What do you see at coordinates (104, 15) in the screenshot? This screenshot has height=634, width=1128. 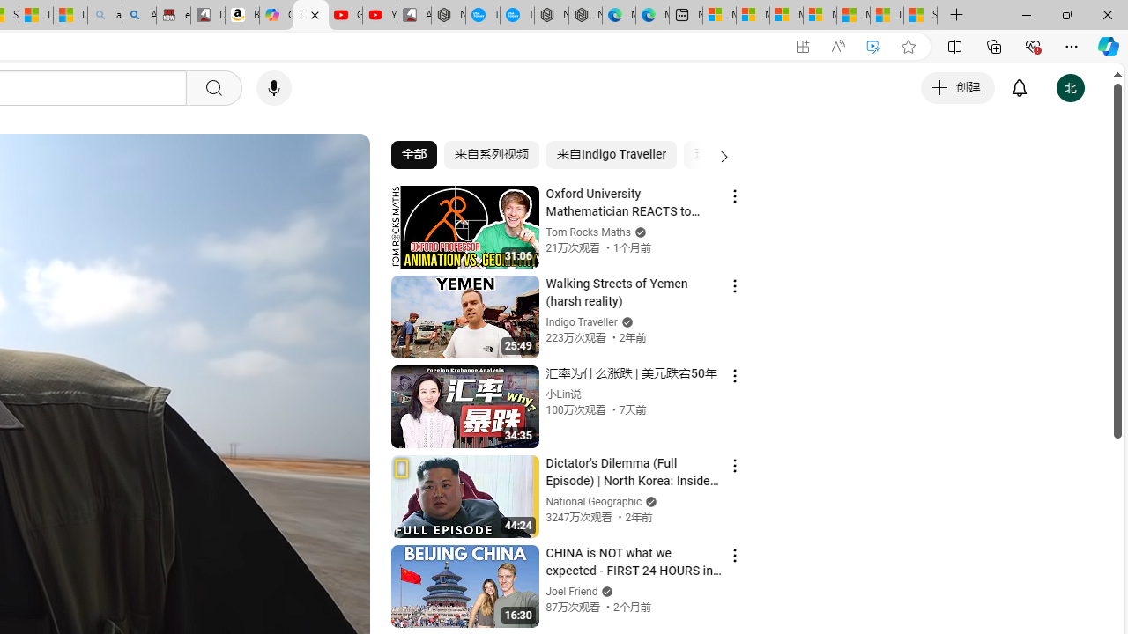 I see `'amazon - Search - Sleeping'` at bounding box center [104, 15].